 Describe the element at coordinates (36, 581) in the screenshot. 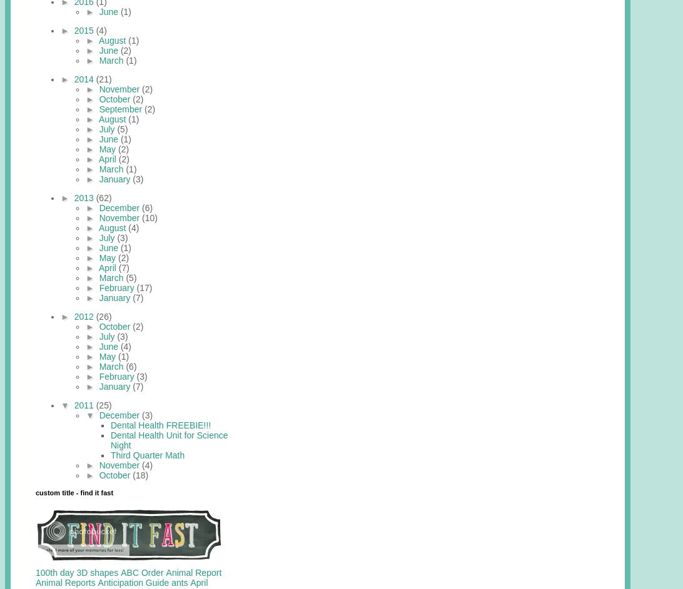

I see `'Animal Reports'` at that location.